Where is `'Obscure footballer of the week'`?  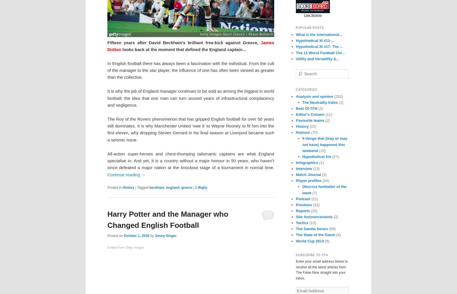
'Obscure footballer of the week' is located at coordinates (324, 189).